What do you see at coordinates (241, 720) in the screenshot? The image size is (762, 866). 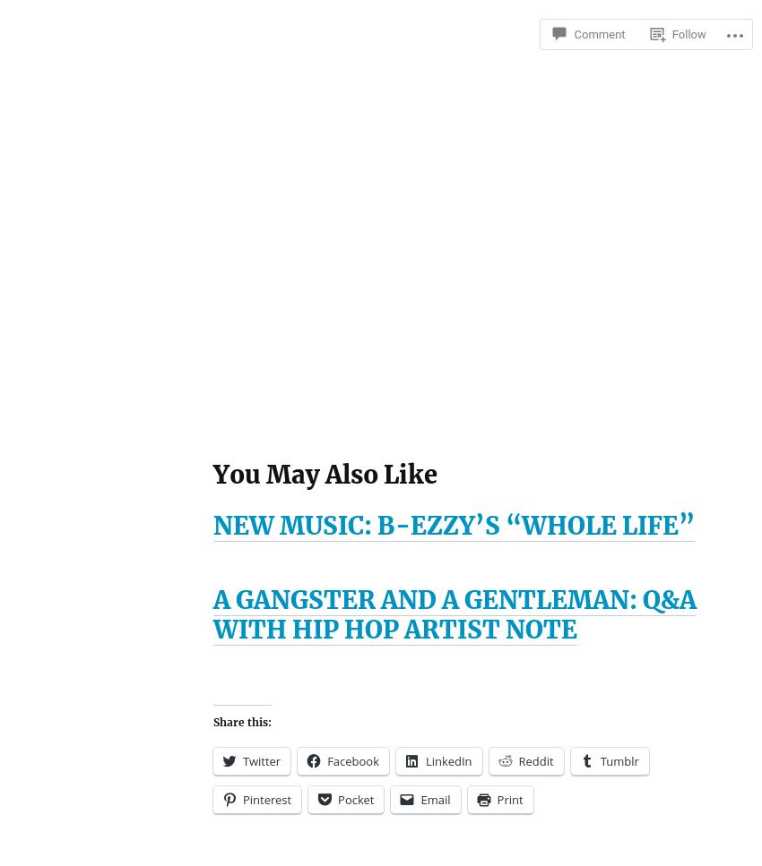 I see `'Share this:'` at bounding box center [241, 720].